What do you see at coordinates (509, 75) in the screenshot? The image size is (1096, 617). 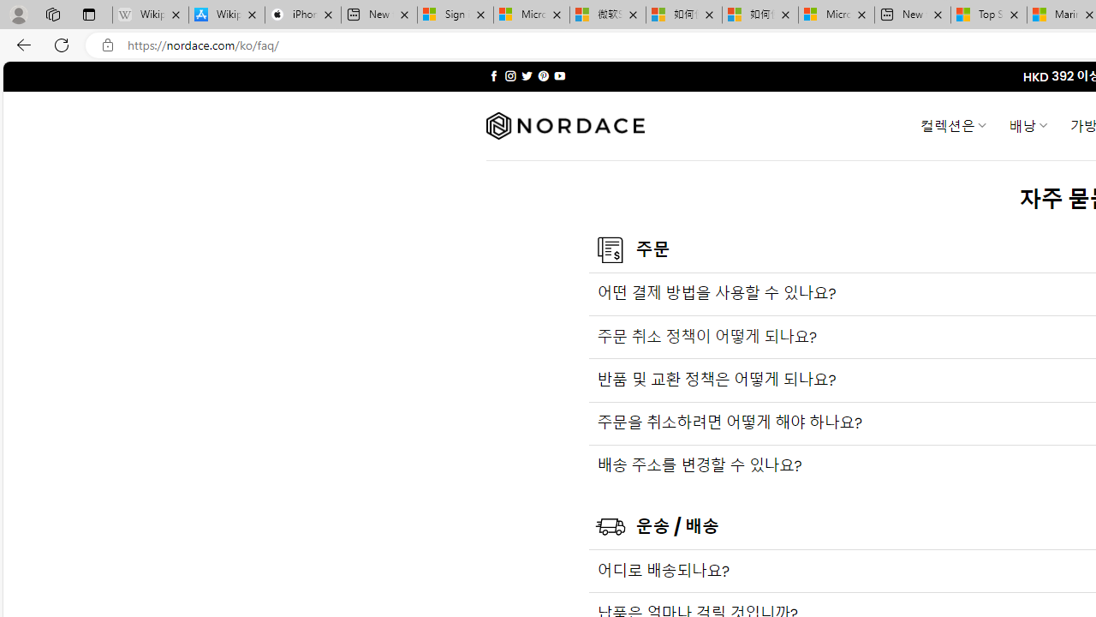 I see `'Follow on Instagram'` at bounding box center [509, 75].